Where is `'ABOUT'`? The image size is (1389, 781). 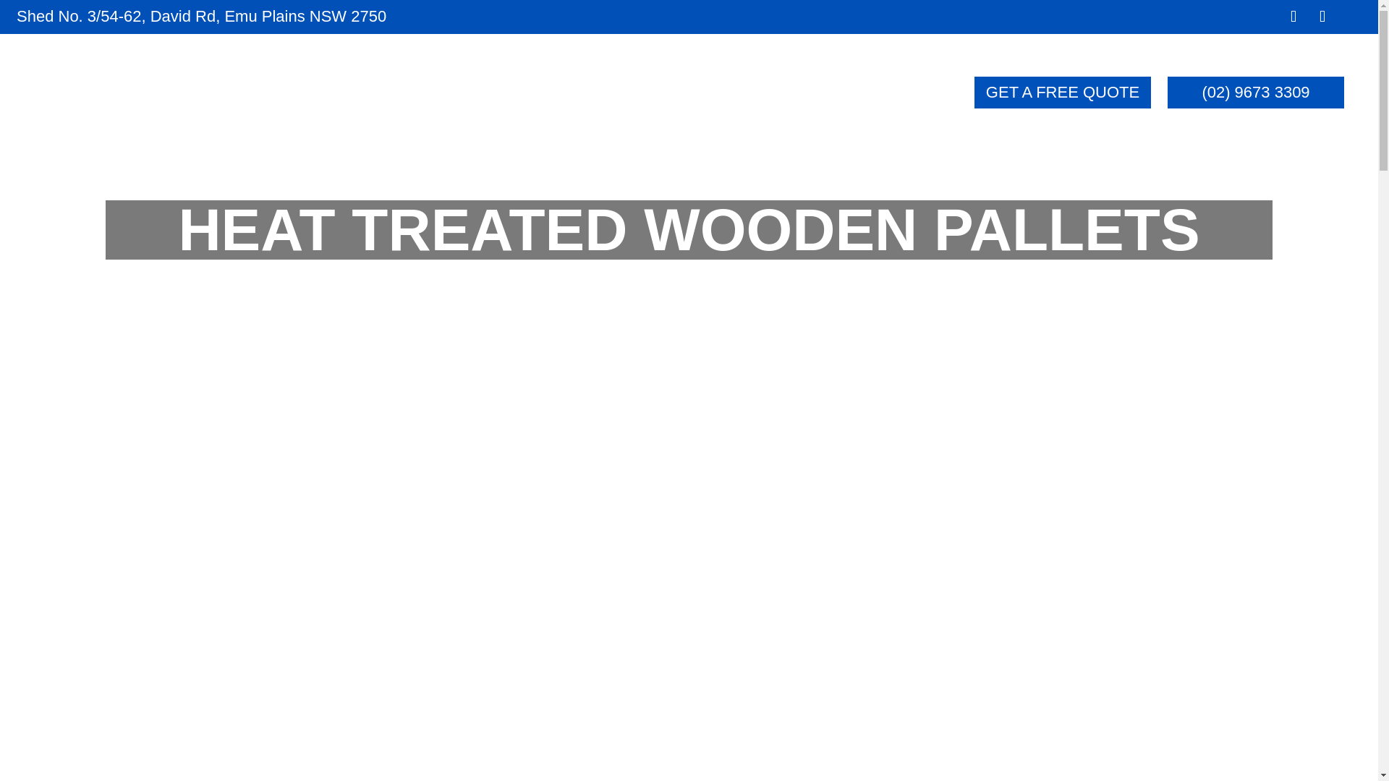 'ABOUT' is located at coordinates (429, 95).